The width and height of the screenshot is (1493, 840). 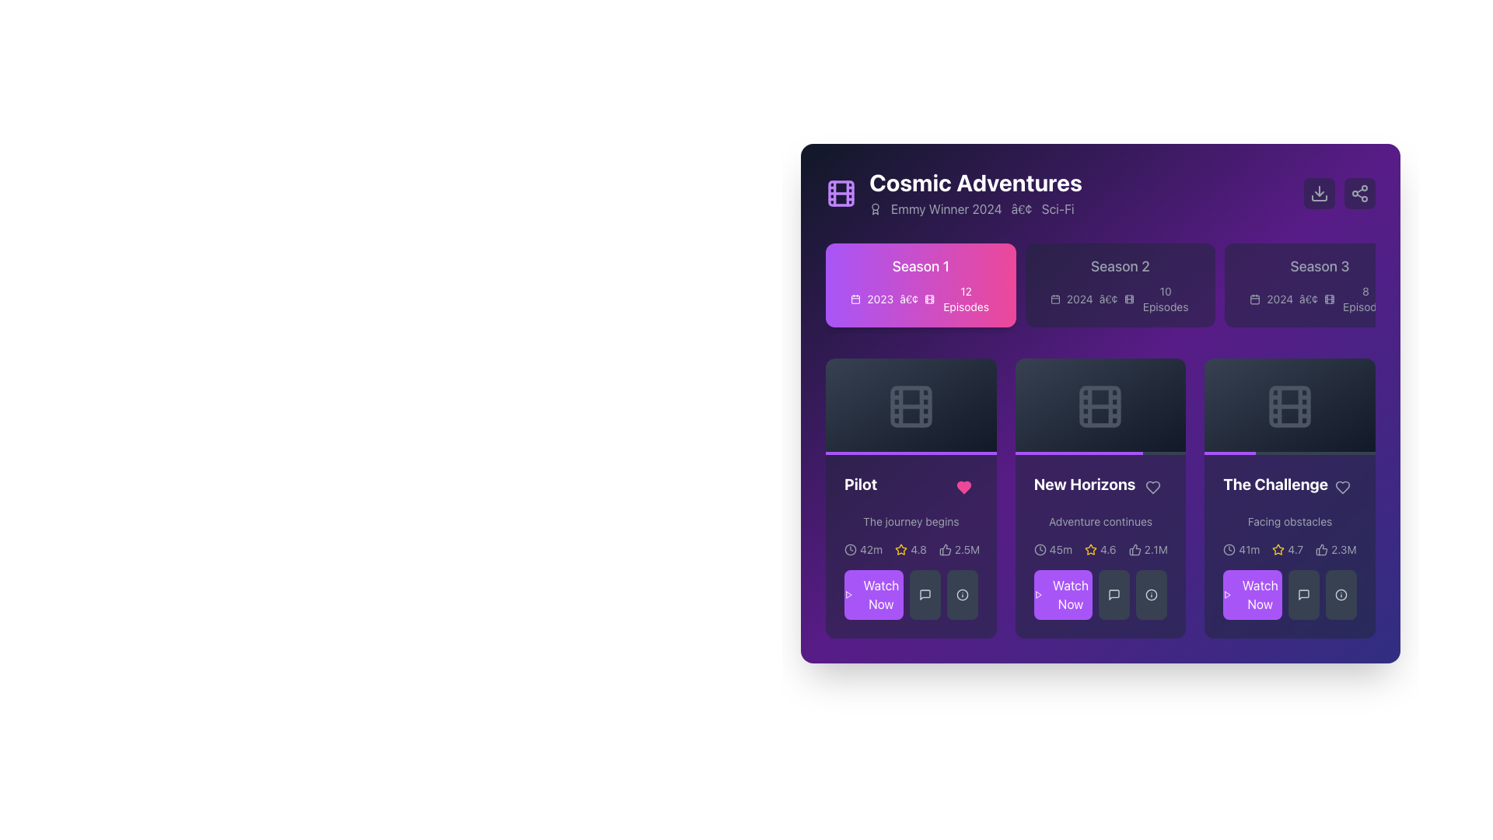 What do you see at coordinates (873, 594) in the screenshot?
I see `the purple button labeled 'Watch Now' located` at bounding box center [873, 594].